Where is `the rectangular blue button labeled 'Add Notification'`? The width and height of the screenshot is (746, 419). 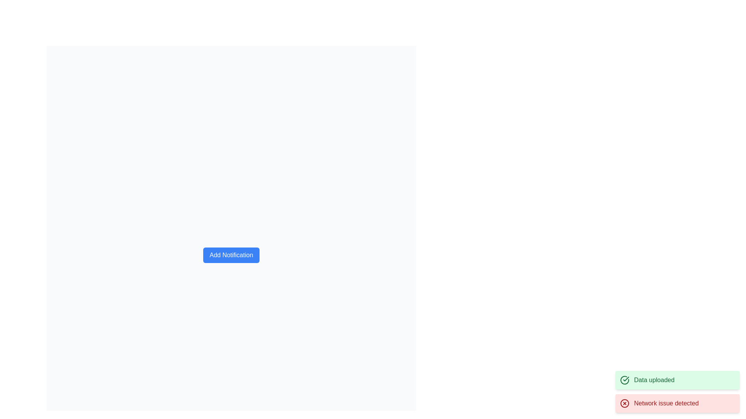
the rectangular blue button labeled 'Add Notification' is located at coordinates (231, 255).